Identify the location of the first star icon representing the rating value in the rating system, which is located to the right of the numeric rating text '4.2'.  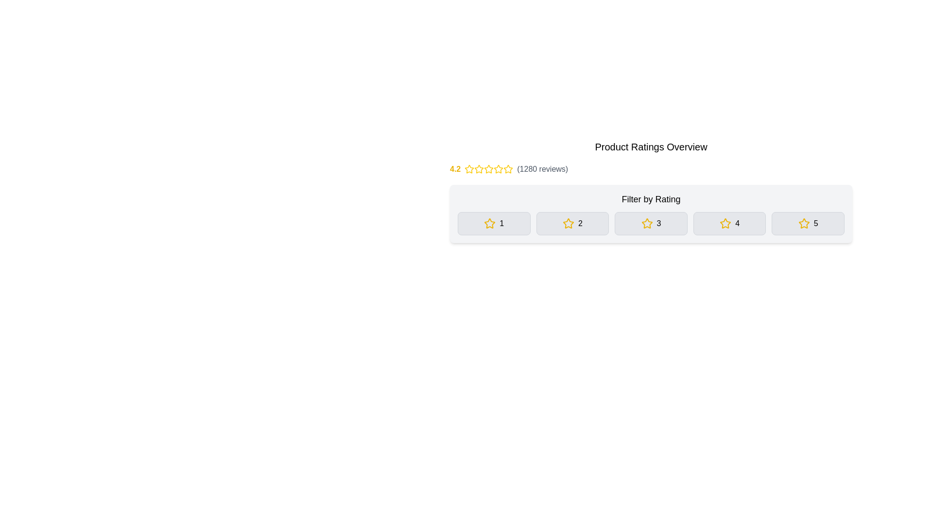
(469, 168).